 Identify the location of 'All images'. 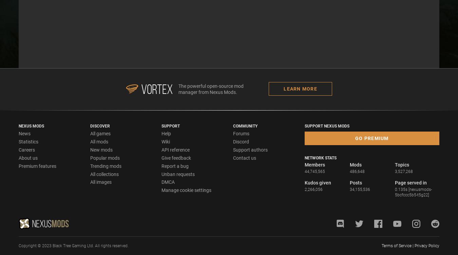
(100, 182).